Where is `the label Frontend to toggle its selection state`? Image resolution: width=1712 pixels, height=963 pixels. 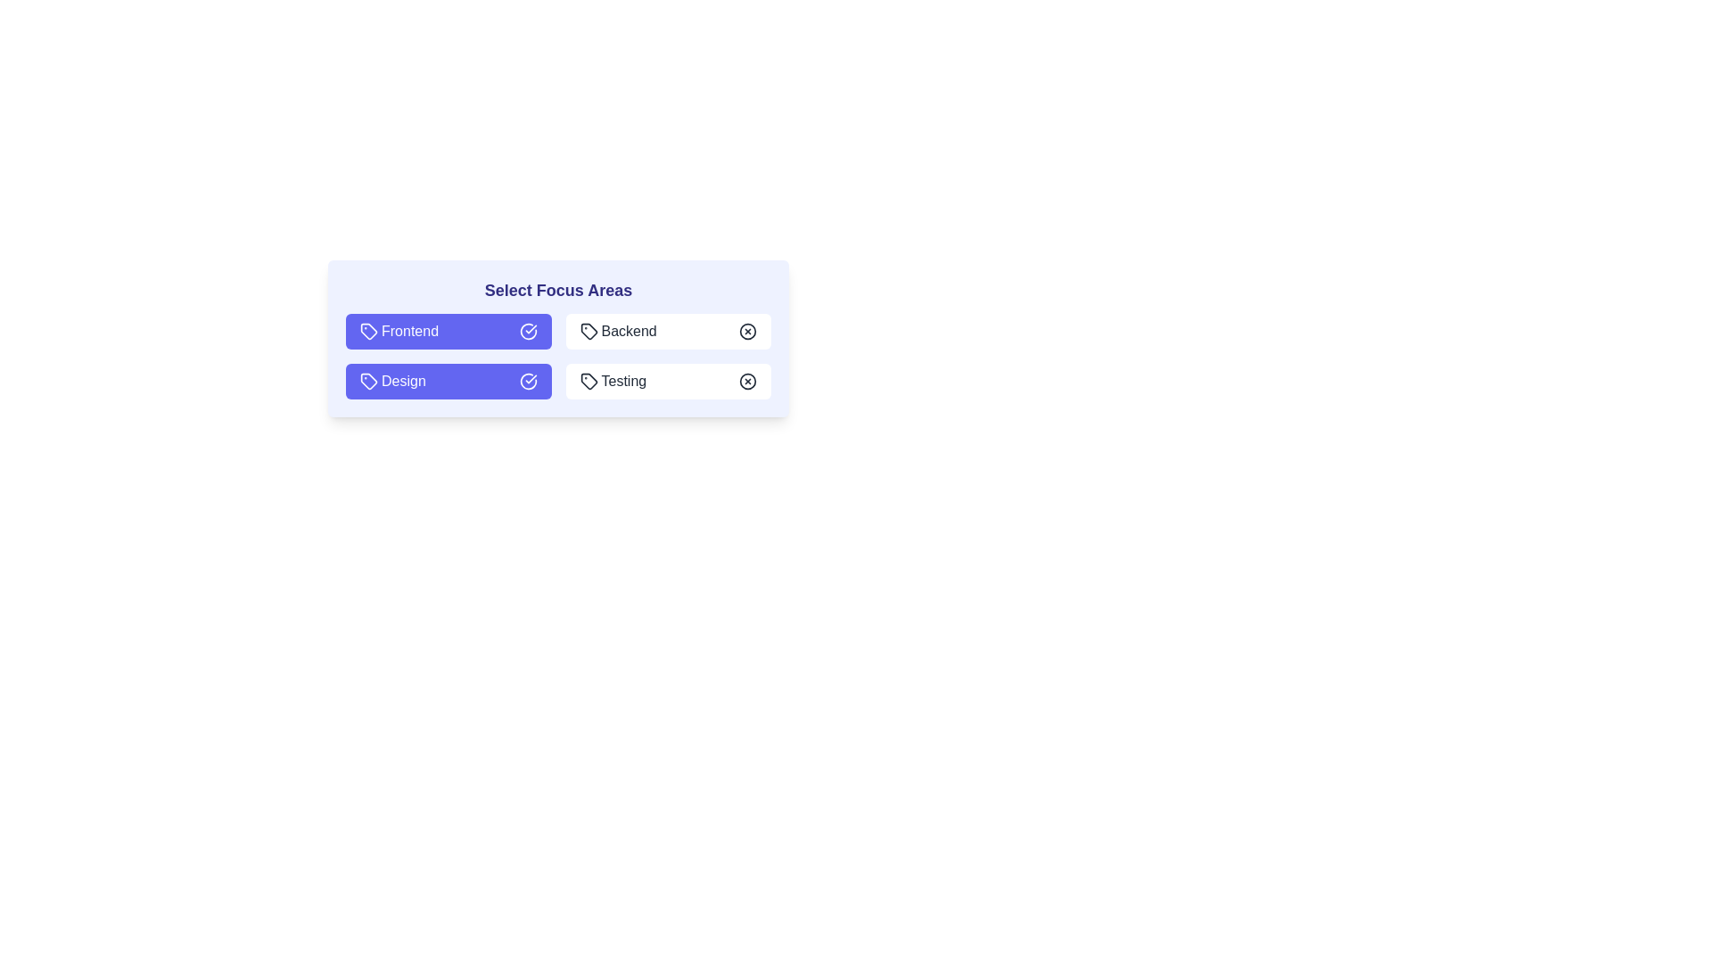
the label Frontend to toggle its selection state is located at coordinates (449, 331).